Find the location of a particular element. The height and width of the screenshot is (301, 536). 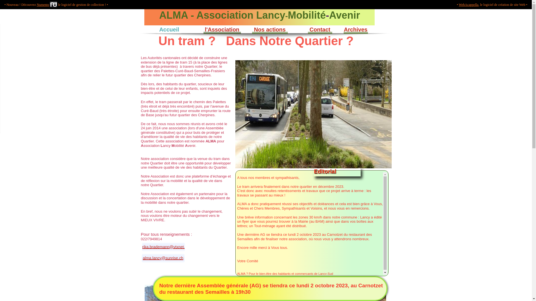

'l'Association' is located at coordinates (222, 29).